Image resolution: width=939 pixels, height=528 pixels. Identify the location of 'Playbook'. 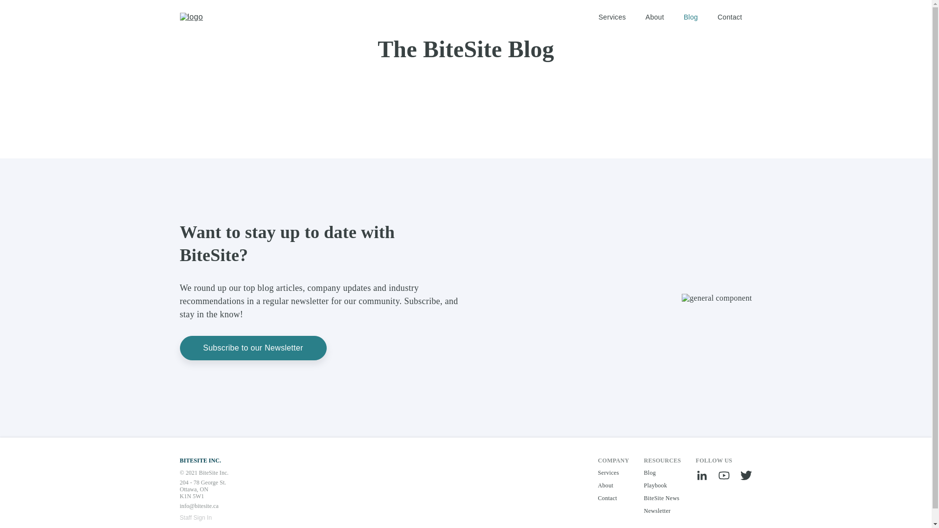
(662, 485).